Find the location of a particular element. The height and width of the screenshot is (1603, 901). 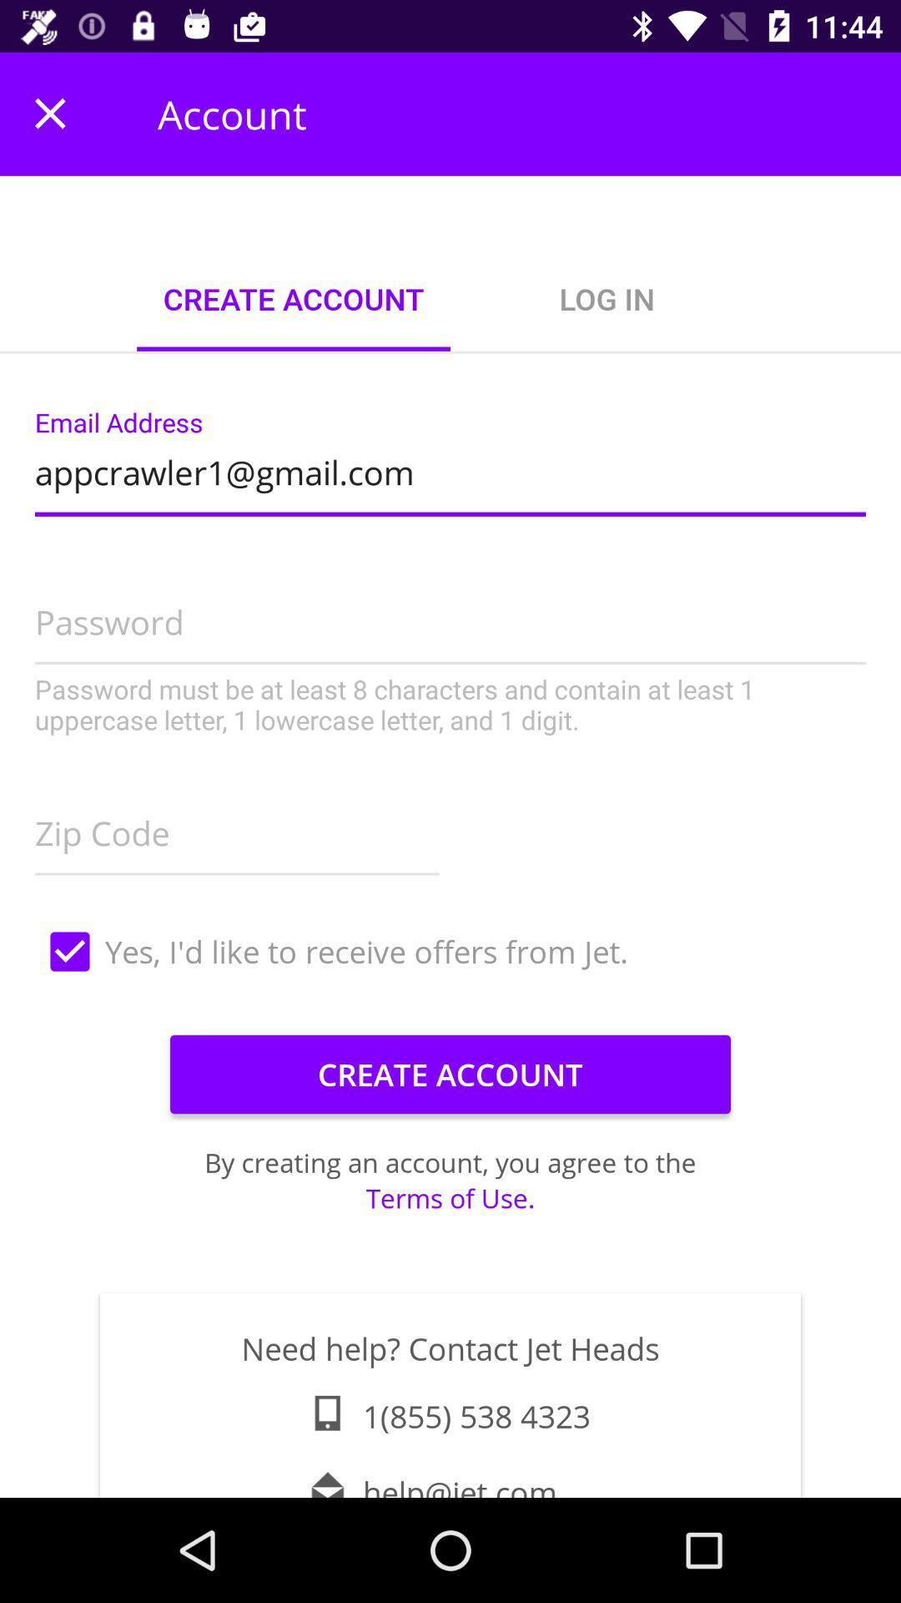

the icon below the by creating an is located at coordinates (450, 1197).